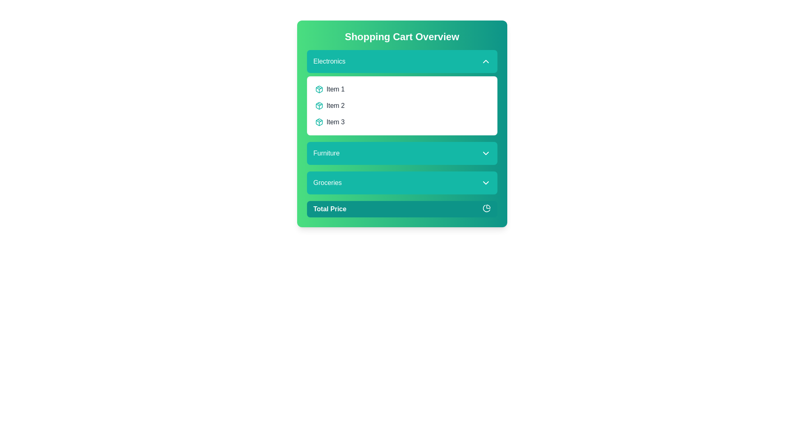 Image resolution: width=788 pixels, height=443 pixels. What do you see at coordinates (402, 208) in the screenshot?
I see `the 'Total Price' section to interact with the summary information` at bounding box center [402, 208].